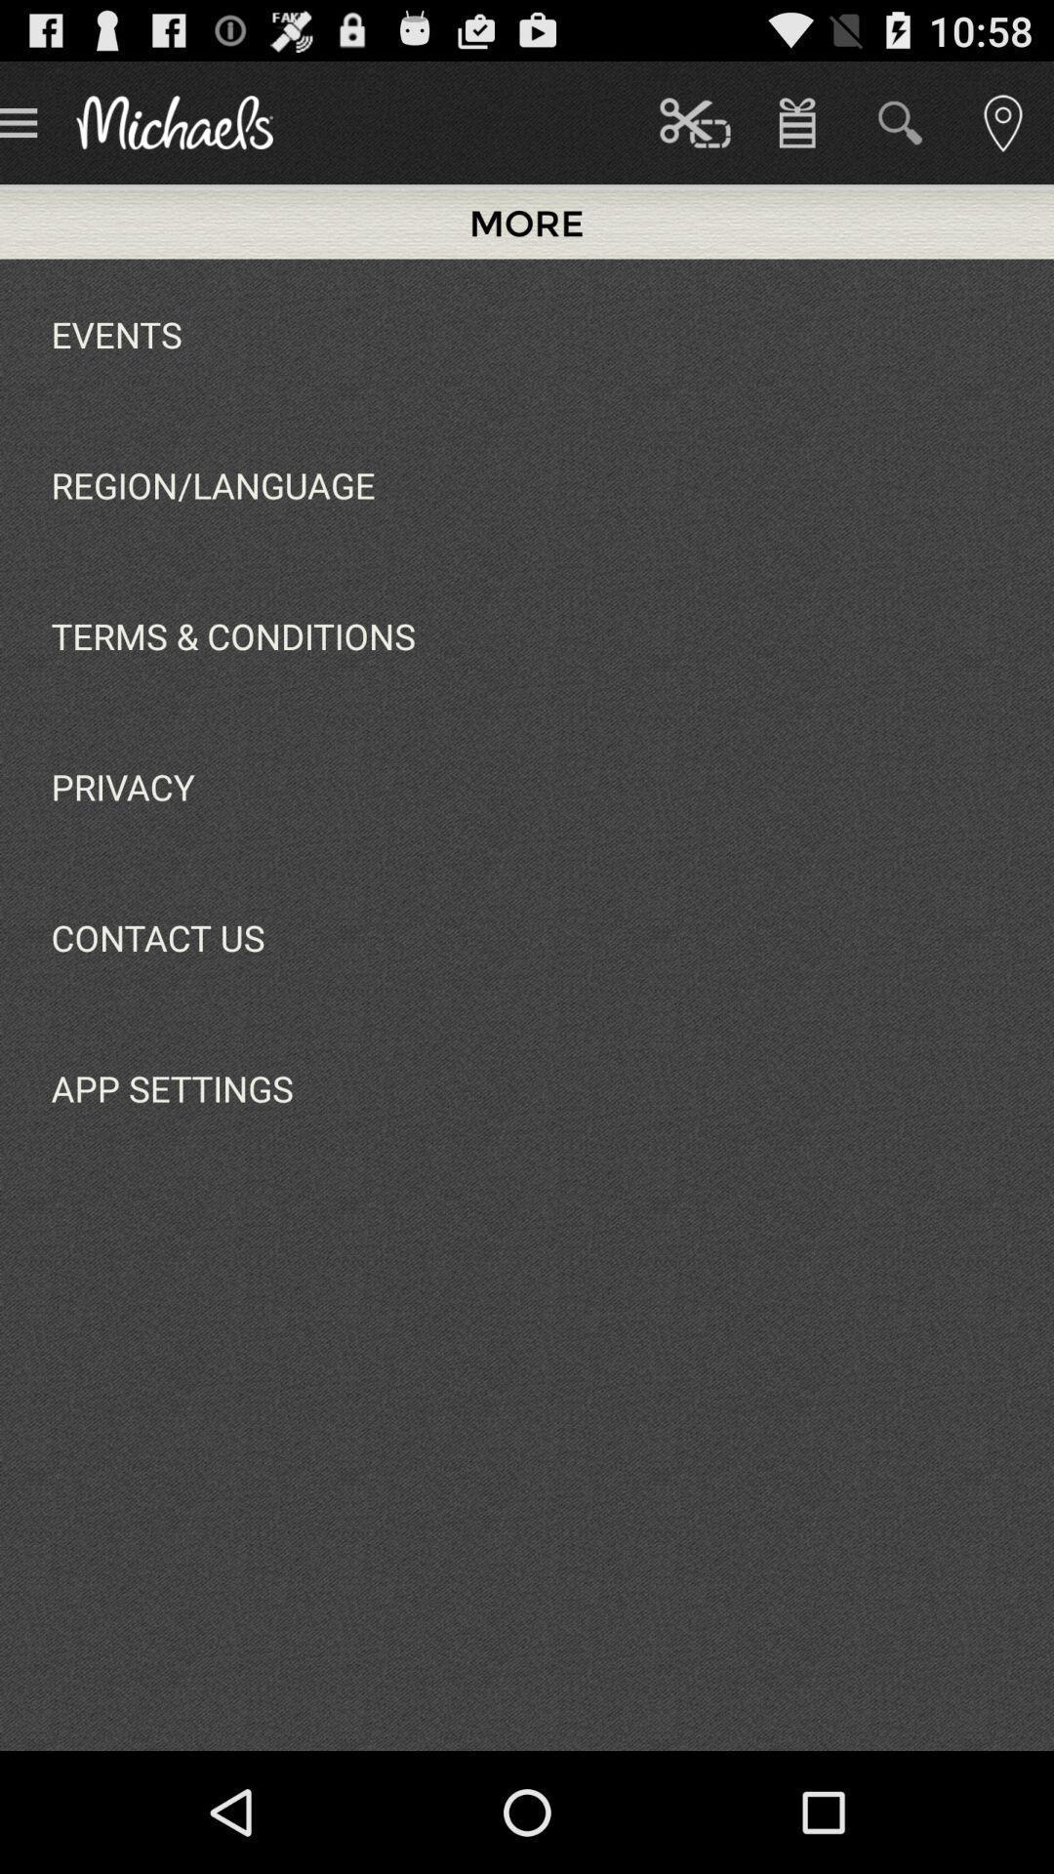 The height and width of the screenshot is (1874, 1054). I want to click on icon above app settings icon, so click(157, 937).